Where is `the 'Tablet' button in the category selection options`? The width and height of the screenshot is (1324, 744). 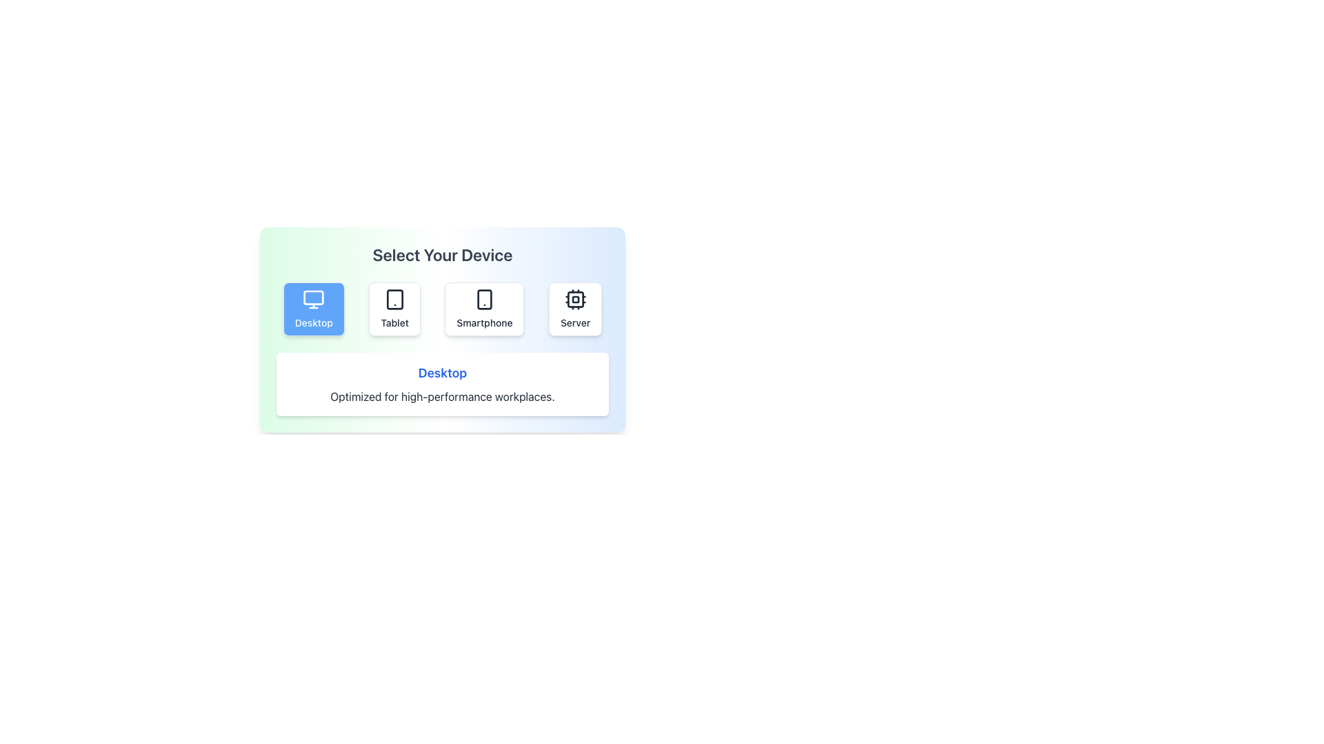
the 'Tablet' button in the category selection options is located at coordinates (394, 308).